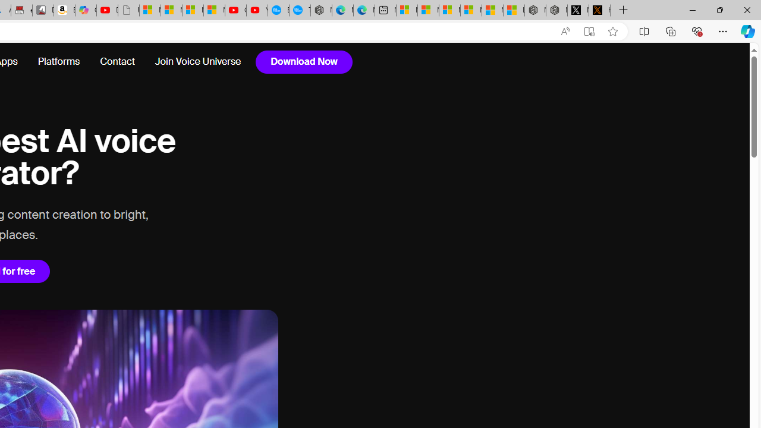 The image size is (761, 428). What do you see at coordinates (235, 10) in the screenshot?
I see `'Gloom - YouTube'` at bounding box center [235, 10].